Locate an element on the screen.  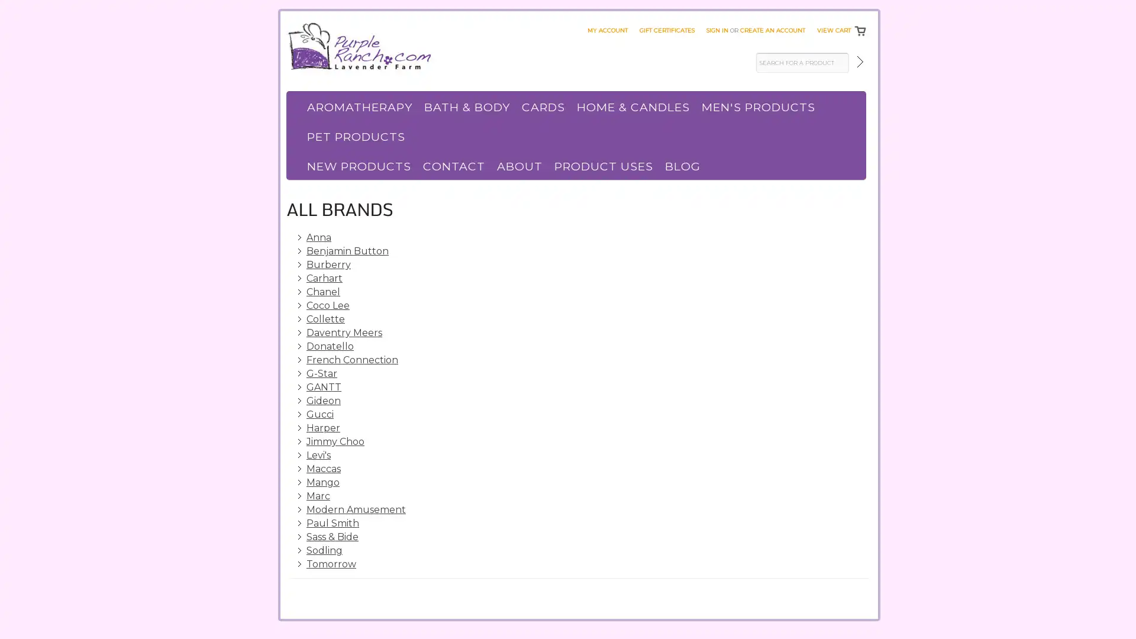
Submit is located at coordinates (860, 62).